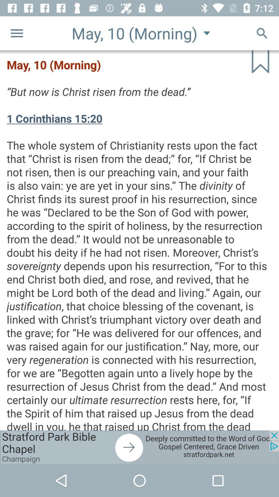 The height and width of the screenshot is (497, 279). What do you see at coordinates (255, 67) in the screenshot?
I see `the bookmark icon` at bounding box center [255, 67].